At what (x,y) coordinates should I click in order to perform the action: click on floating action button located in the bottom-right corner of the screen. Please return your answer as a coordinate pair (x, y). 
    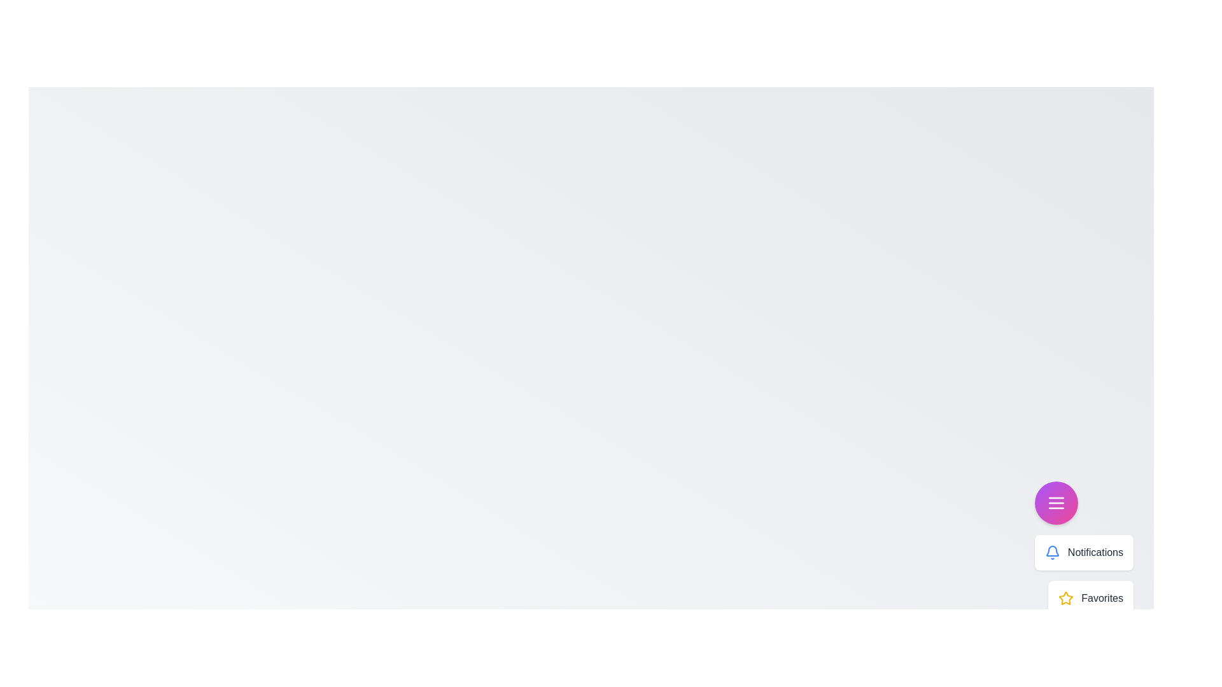
    Looking at the image, I should click on (1056, 502).